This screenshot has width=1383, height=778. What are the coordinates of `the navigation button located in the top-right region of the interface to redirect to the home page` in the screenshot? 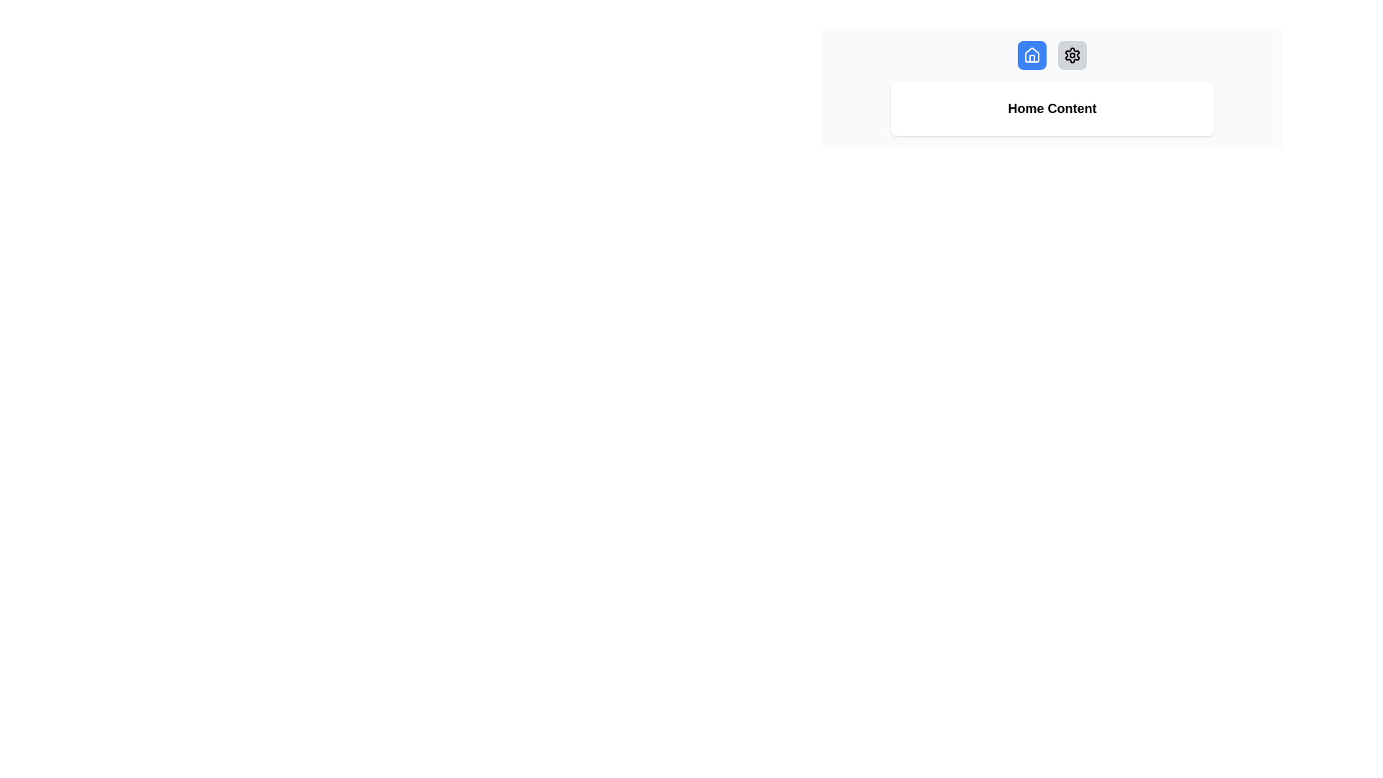 It's located at (1031, 55).